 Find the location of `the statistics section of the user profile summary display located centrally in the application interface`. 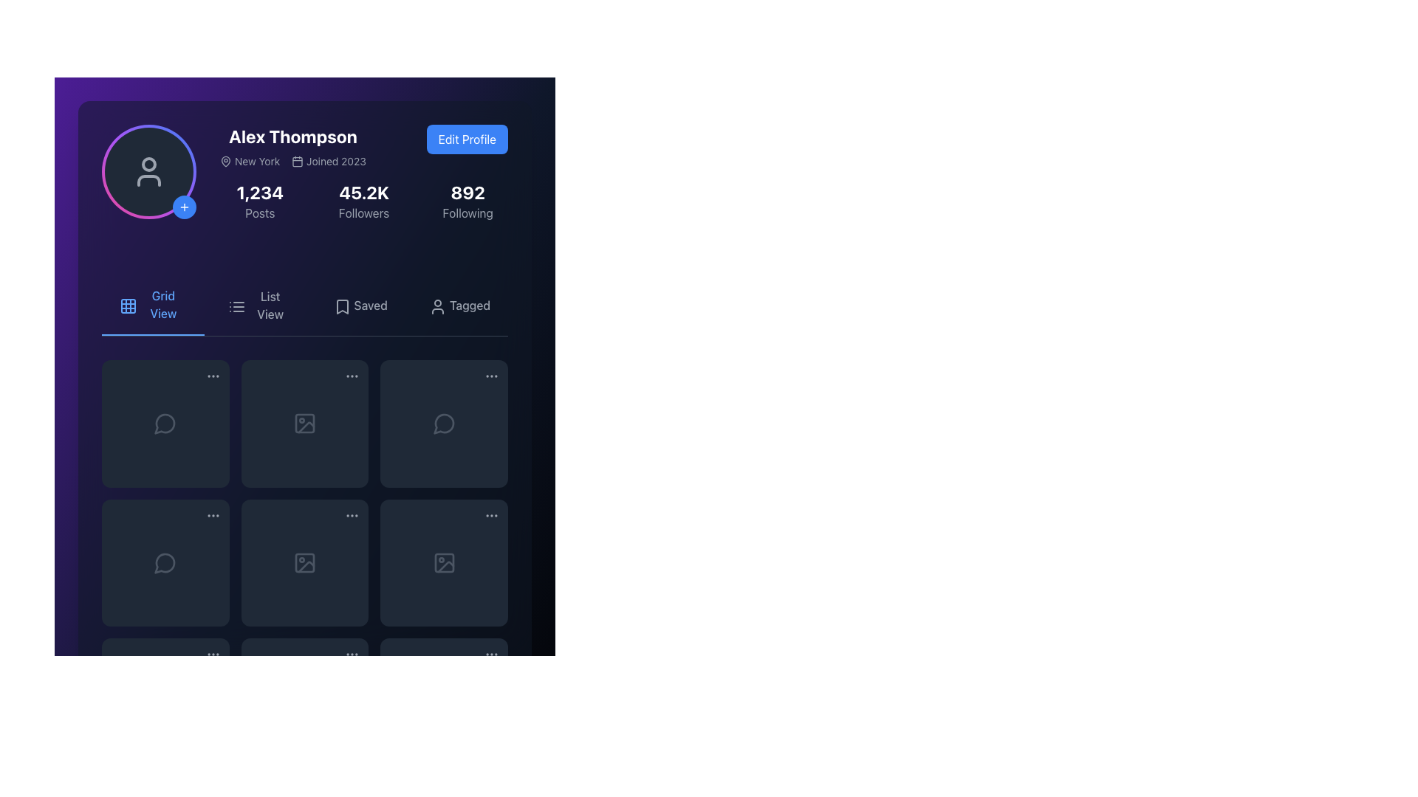

the statistics section of the user profile summary display located centrally in the application interface is located at coordinates (364, 181).